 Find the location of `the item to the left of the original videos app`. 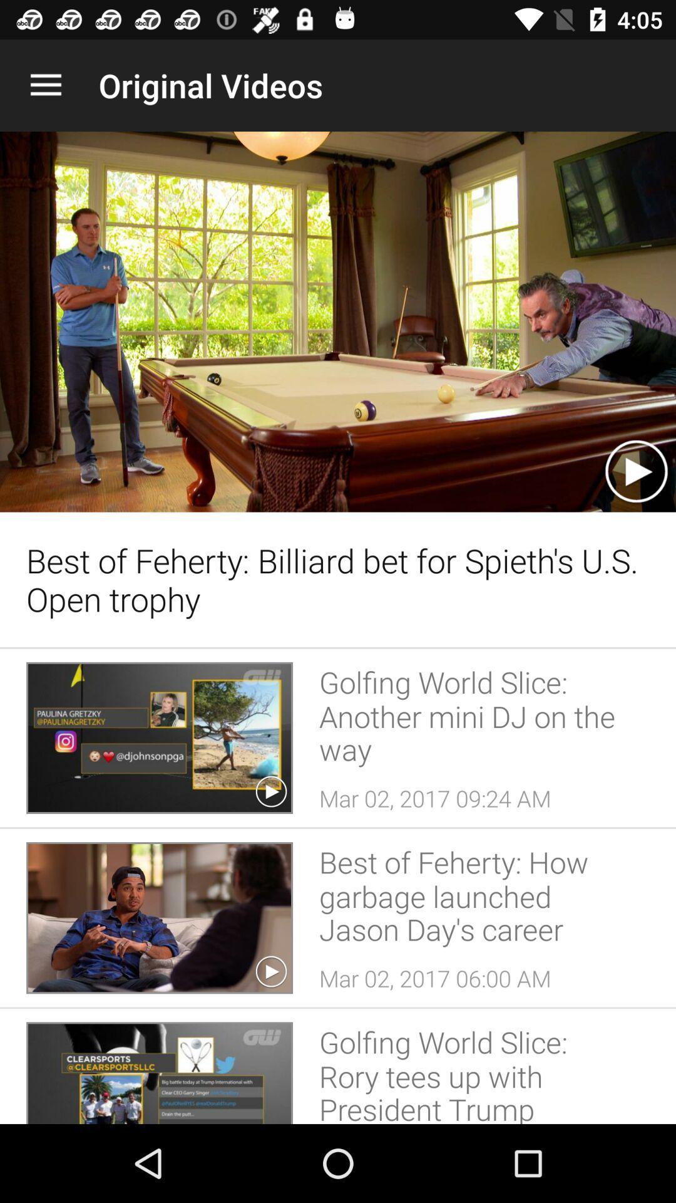

the item to the left of the original videos app is located at coordinates (45, 85).